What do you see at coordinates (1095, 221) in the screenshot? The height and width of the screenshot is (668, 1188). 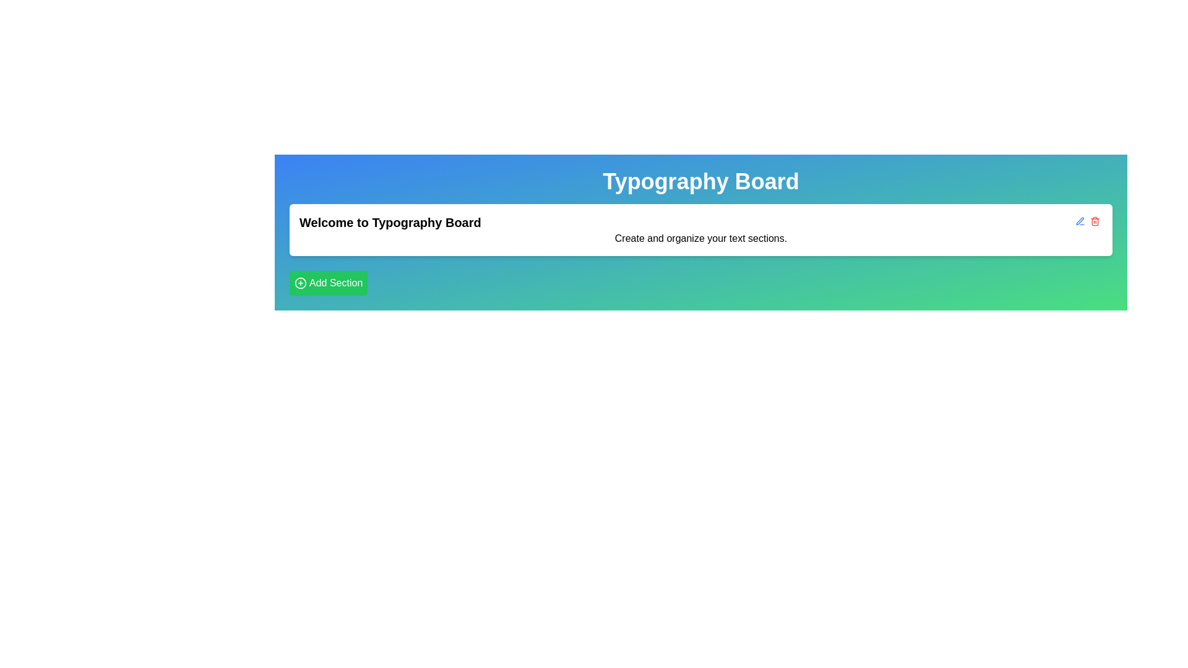 I see `the small red trash can icon located towards the right end of the horizontal bar` at bounding box center [1095, 221].